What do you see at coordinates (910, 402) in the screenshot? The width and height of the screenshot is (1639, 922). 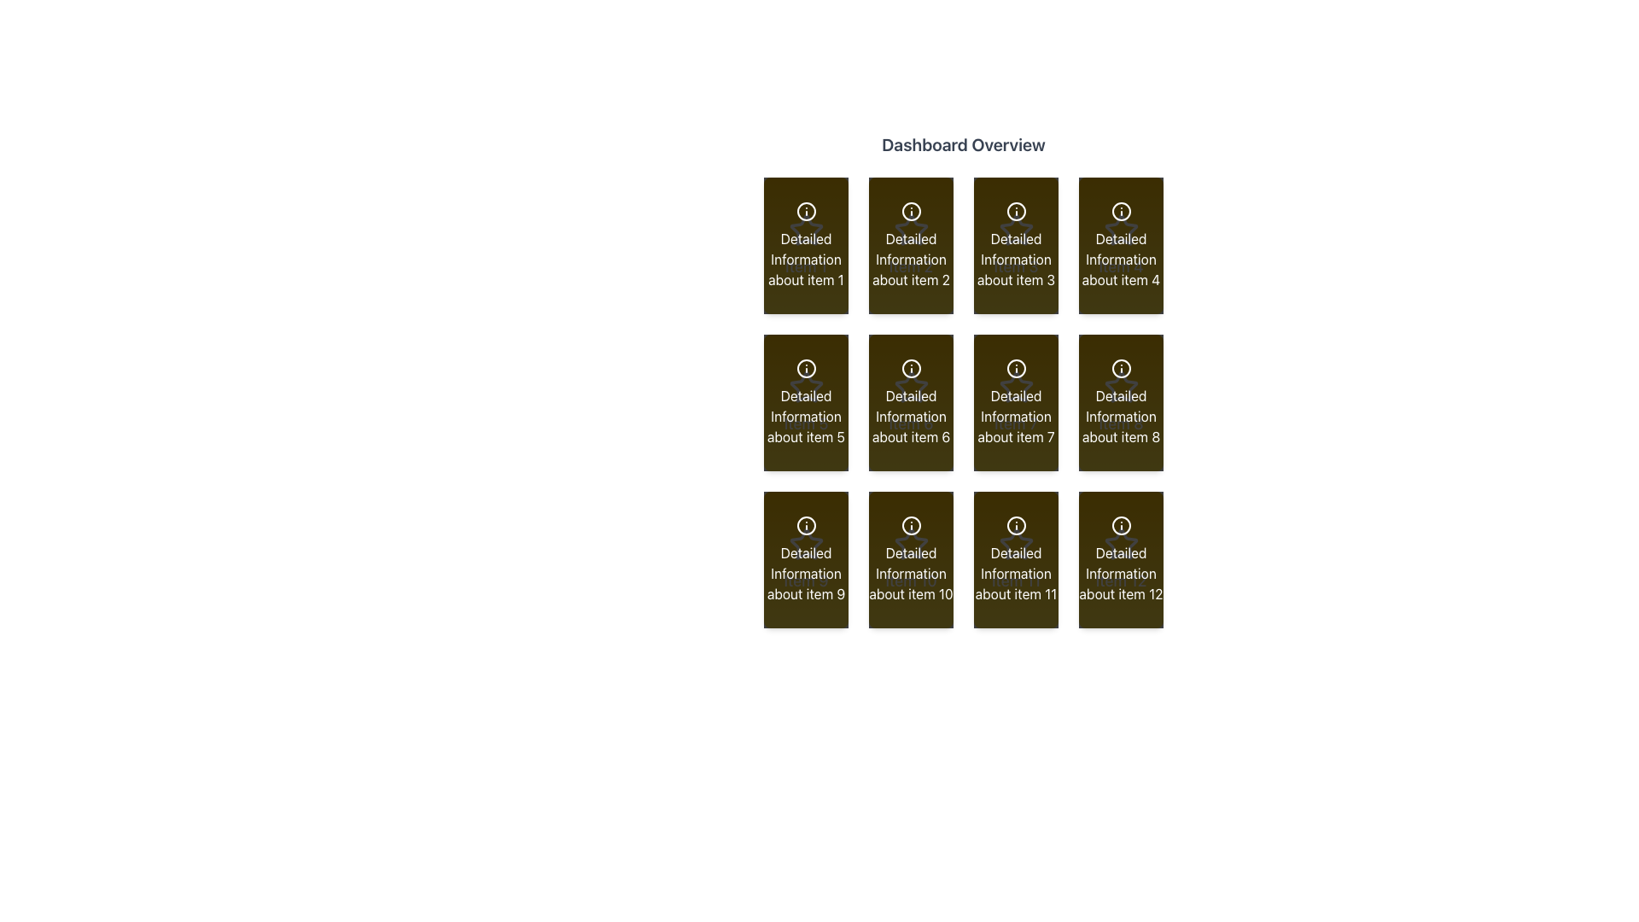 I see `the rectangular tile with a gradient background featuring a white star icon and the label 'Item 6'` at bounding box center [910, 402].